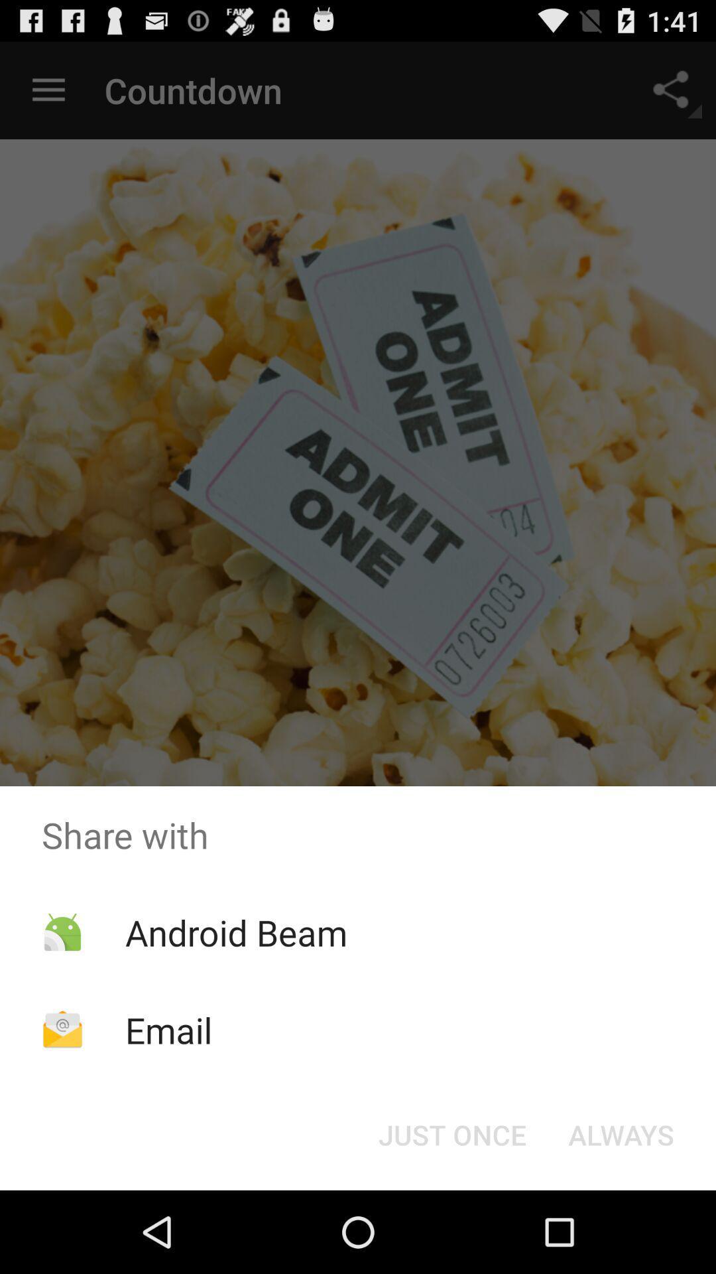 The image size is (716, 1274). Describe the element at coordinates (451, 1133) in the screenshot. I see `just once icon` at that location.